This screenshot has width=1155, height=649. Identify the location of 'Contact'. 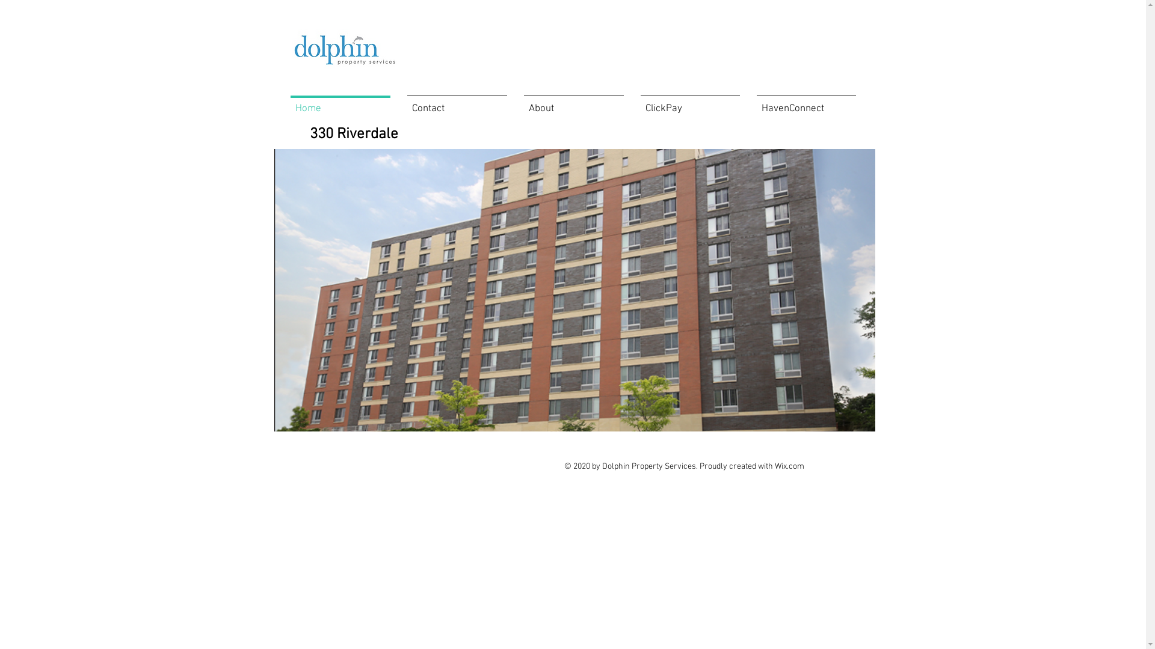
(455, 103).